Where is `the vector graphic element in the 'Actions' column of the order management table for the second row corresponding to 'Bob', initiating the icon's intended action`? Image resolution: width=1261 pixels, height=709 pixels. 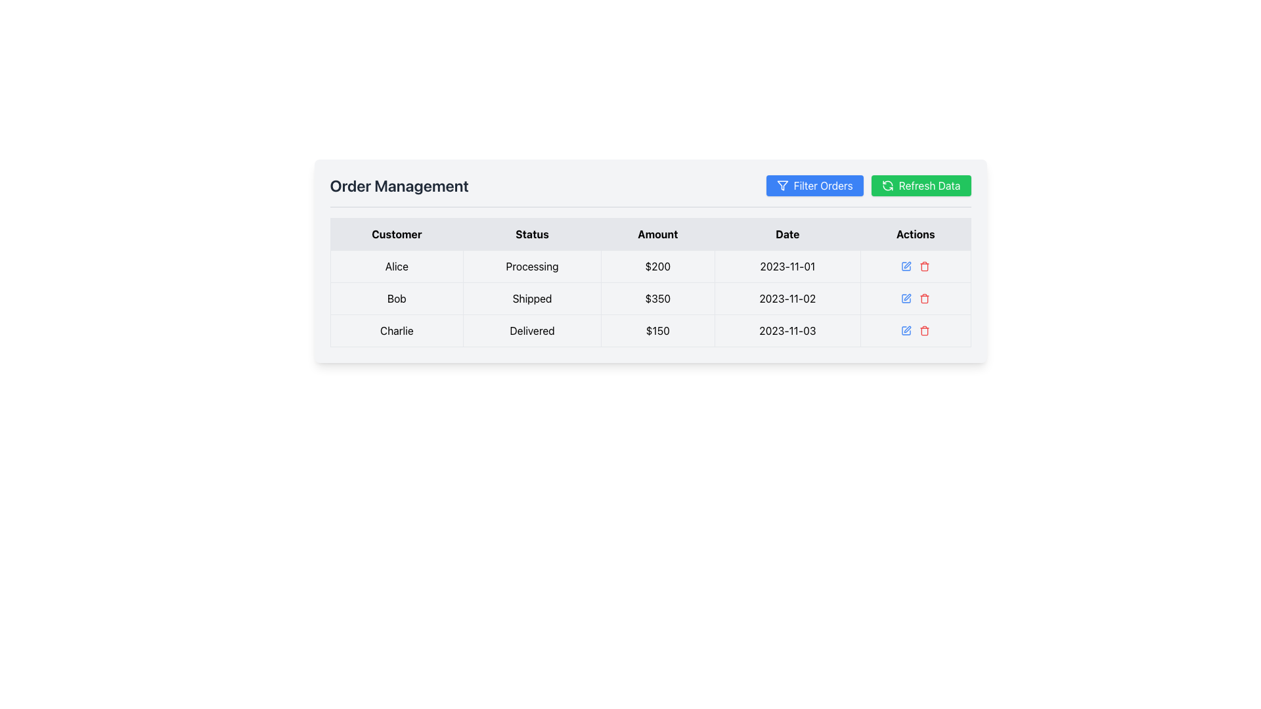 the vector graphic element in the 'Actions' column of the order management table for the second row corresponding to 'Bob', initiating the icon's intended action is located at coordinates (906, 299).